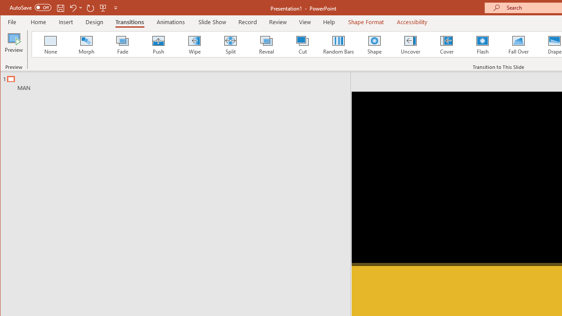  I want to click on 'Redo', so click(90, 7).